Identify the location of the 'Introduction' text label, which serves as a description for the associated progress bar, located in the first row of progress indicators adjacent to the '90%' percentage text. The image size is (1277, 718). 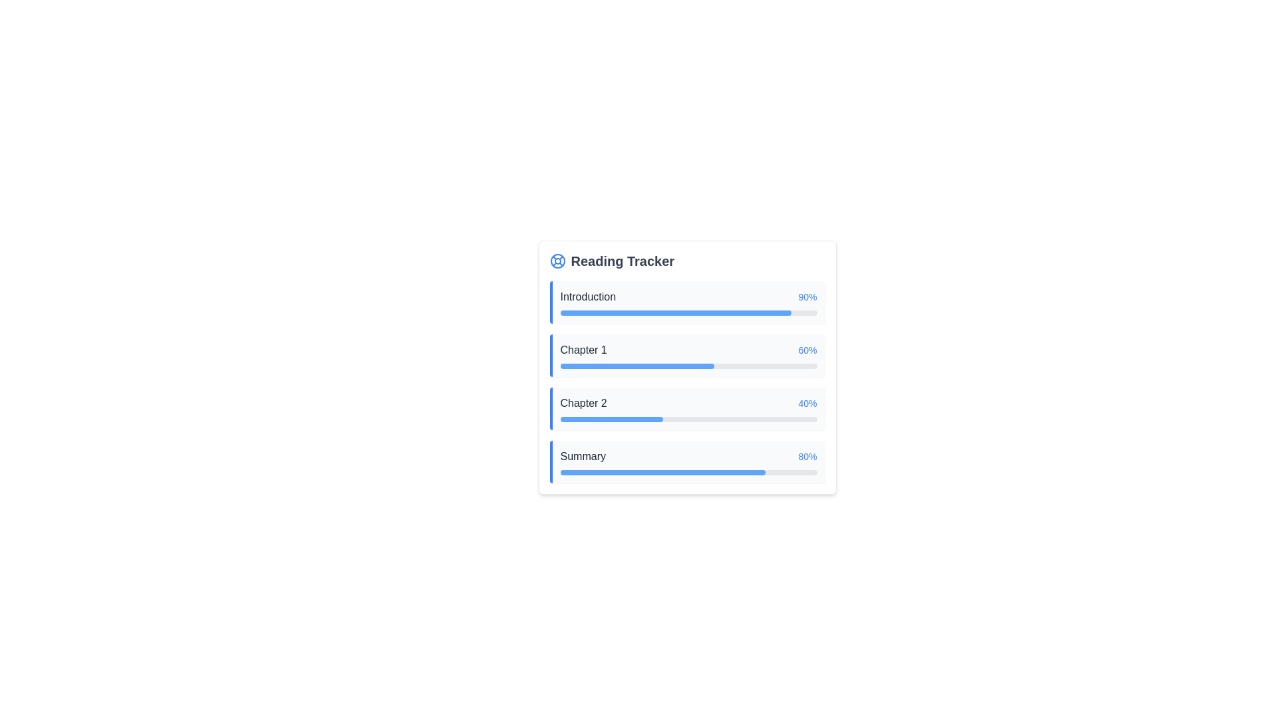
(587, 297).